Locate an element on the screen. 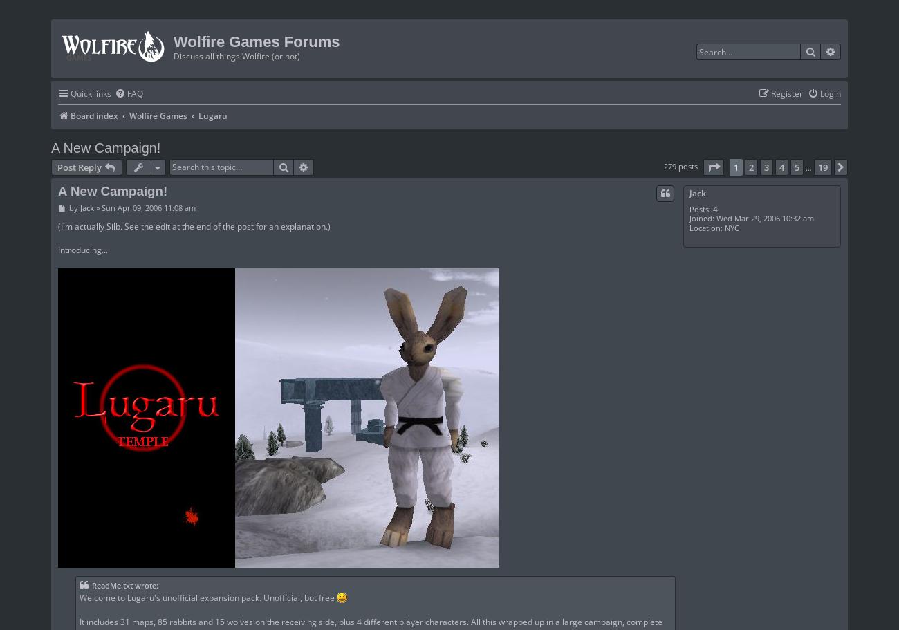  '5' is located at coordinates (797, 166).